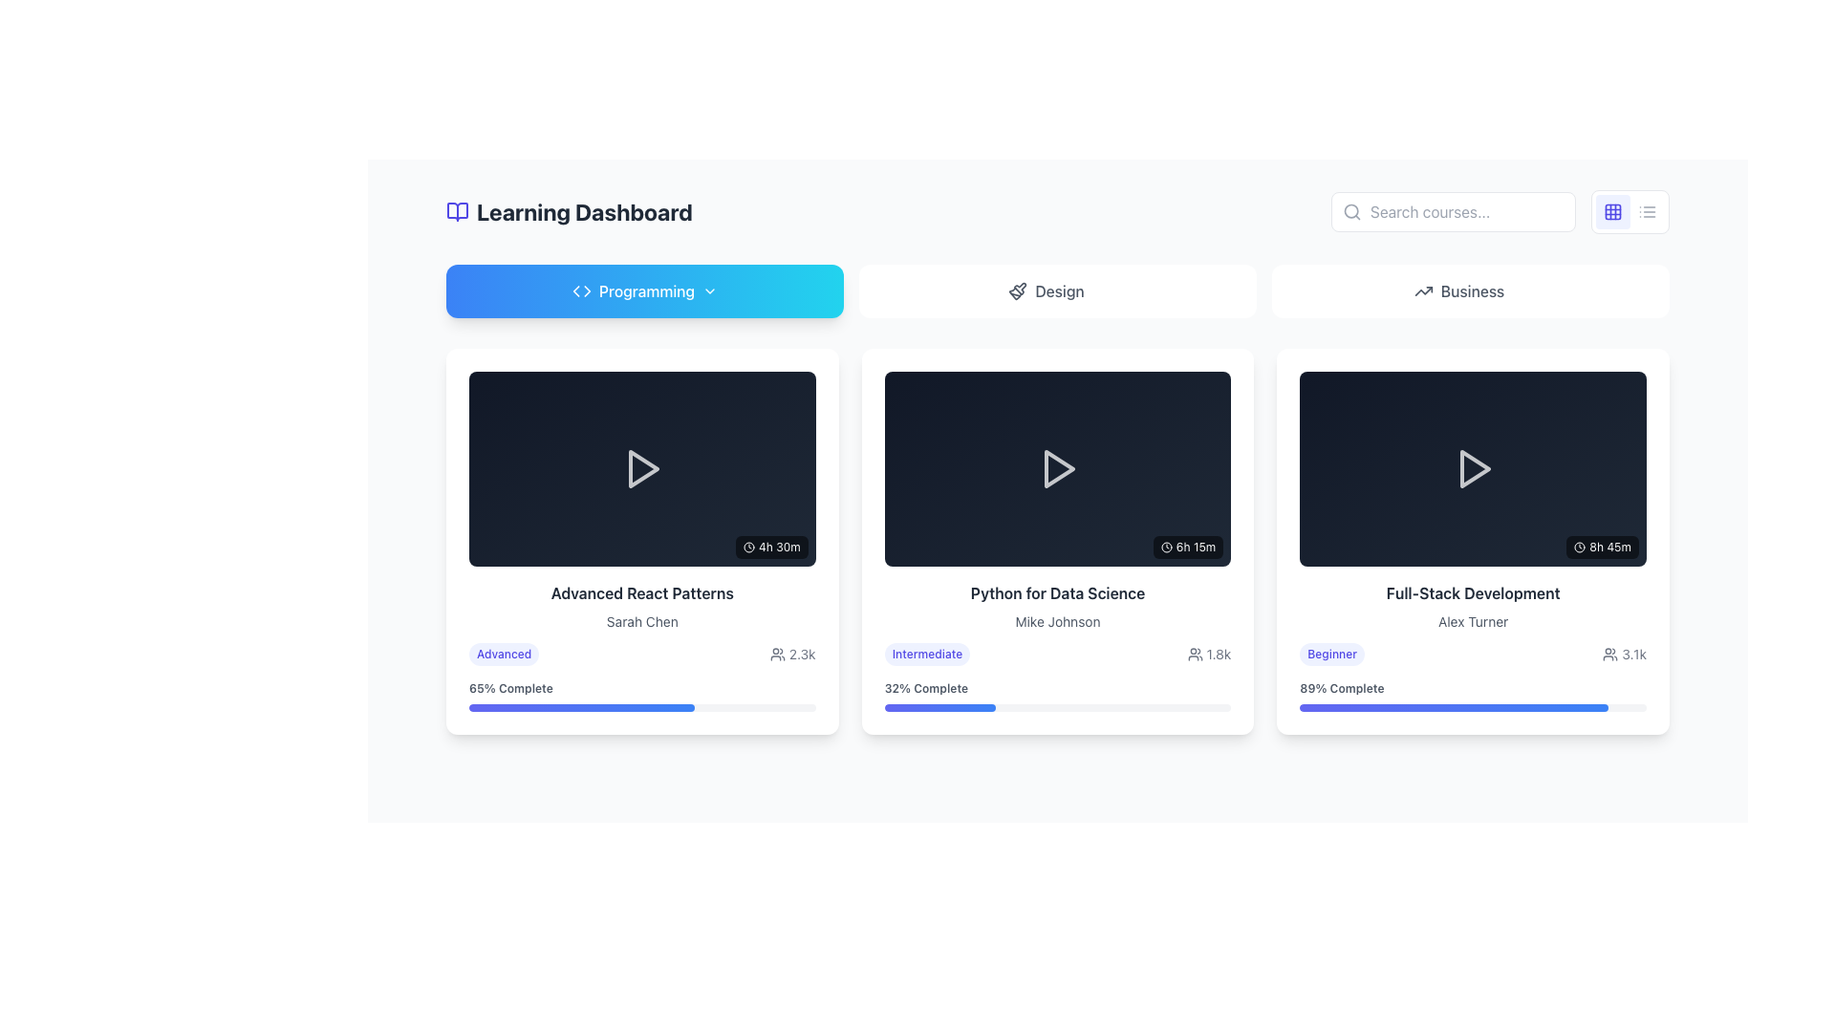  What do you see at coordinates (1057, 592) in the screenshot?
I see `the text label that serves as the title for the associated content on the card, located above the 'Mike Johnson' text label in the bottom section of the card component` at bounding box center [1057, 592].